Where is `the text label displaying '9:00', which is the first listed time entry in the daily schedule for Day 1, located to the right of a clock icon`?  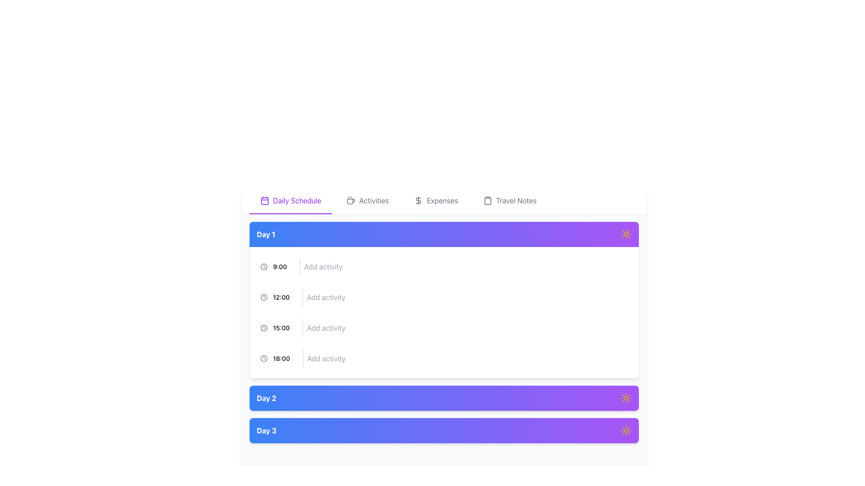 the text label displaying '9:00', which is the first listed time entry in the daily schedule for Day 1, located to the right of a clock icon is located at coordinates (279, 266).